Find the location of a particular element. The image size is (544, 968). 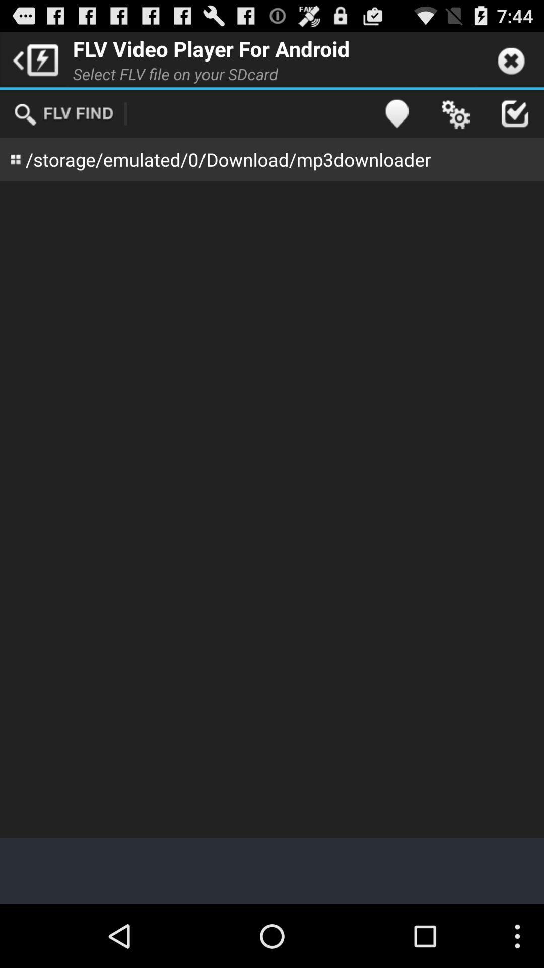

the location icon is located at coordinates (396, 121).